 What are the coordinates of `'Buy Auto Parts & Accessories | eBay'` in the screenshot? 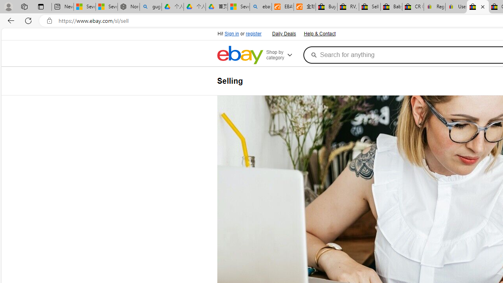 It's located at (326, 7).